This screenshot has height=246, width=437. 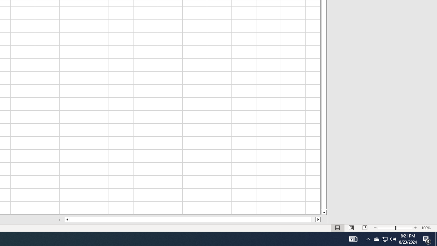 What do you see at coordinates (385, 238) in the screenshot?
I see `'User Promoted Notification Area'` at bounding box center [385, 238].